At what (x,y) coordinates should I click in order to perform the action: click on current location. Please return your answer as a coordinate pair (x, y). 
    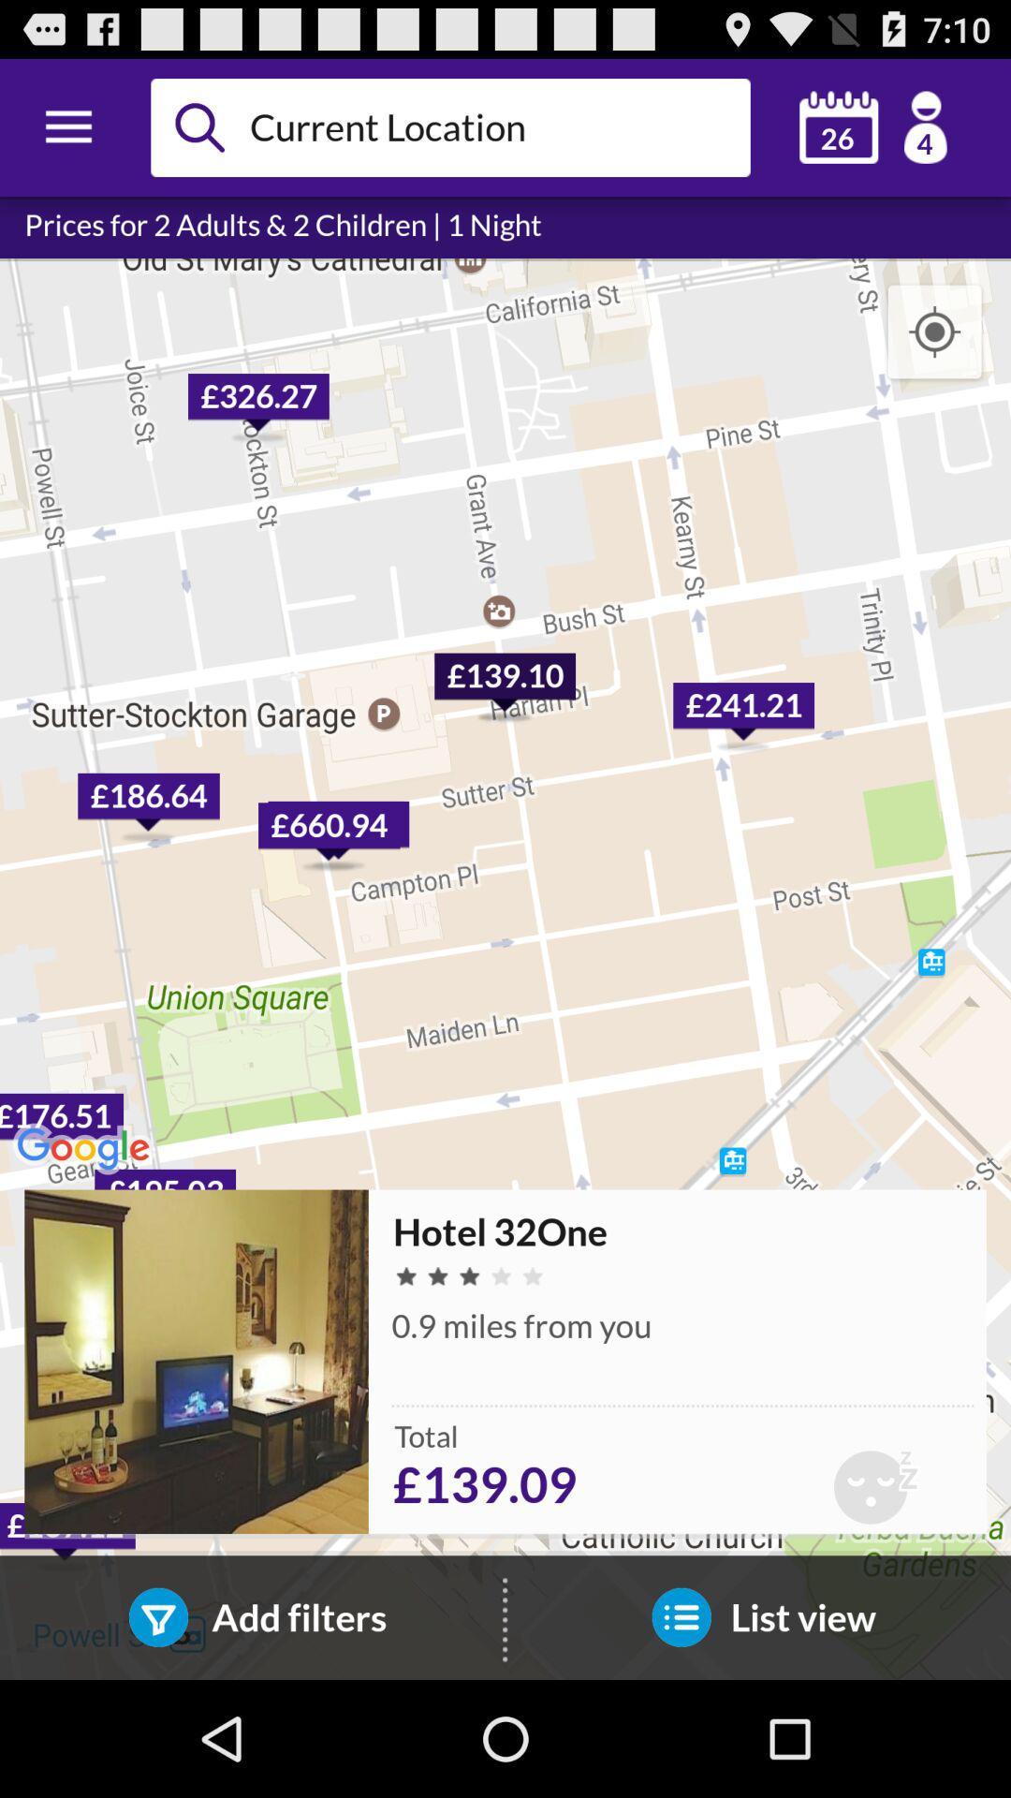
    Looking at the image, I should click on (491, 126).